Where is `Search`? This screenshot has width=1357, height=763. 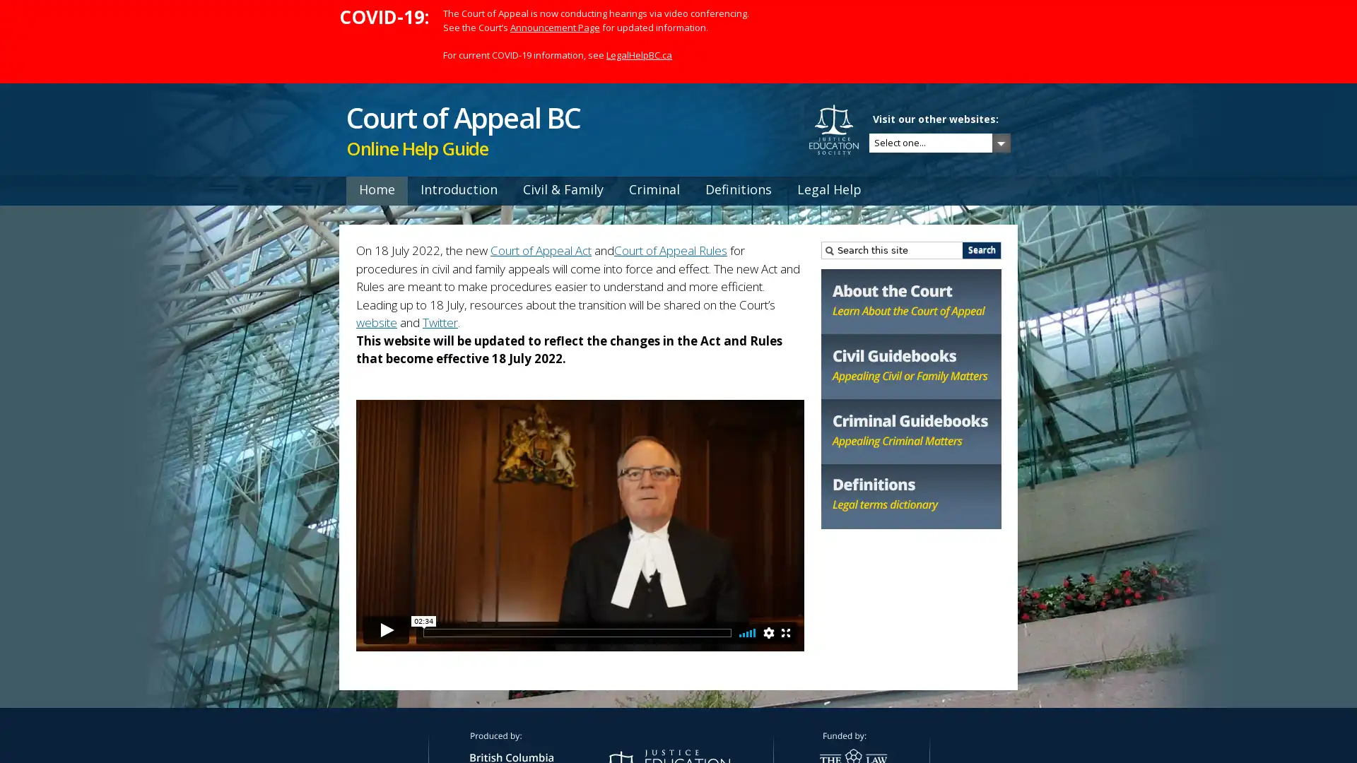 Search is located at coordinates (981, 249).